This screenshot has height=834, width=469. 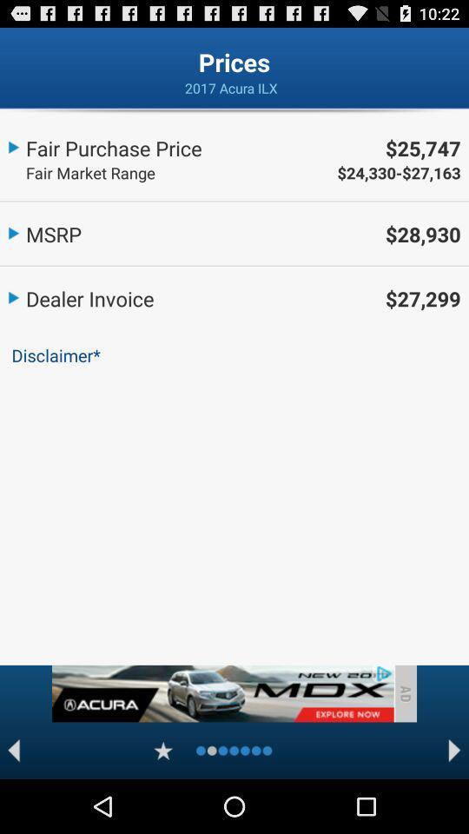 What do you see at coordinates (163, 750) in the screenshot?
I see `rating` at bounding box center [163, 750].